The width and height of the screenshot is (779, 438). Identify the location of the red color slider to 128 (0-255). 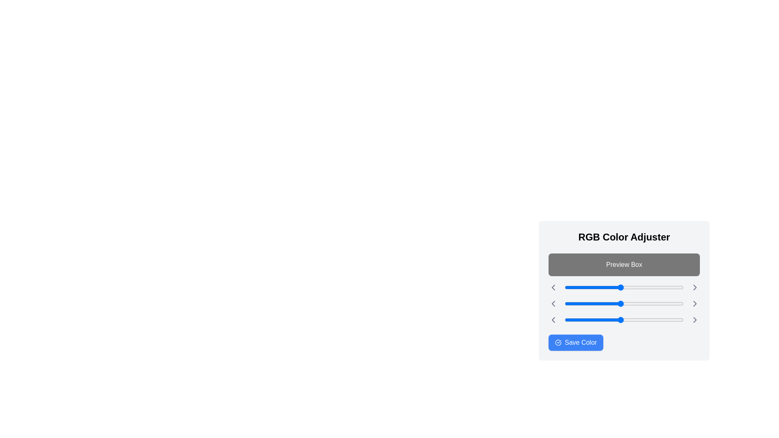
(624, 287).